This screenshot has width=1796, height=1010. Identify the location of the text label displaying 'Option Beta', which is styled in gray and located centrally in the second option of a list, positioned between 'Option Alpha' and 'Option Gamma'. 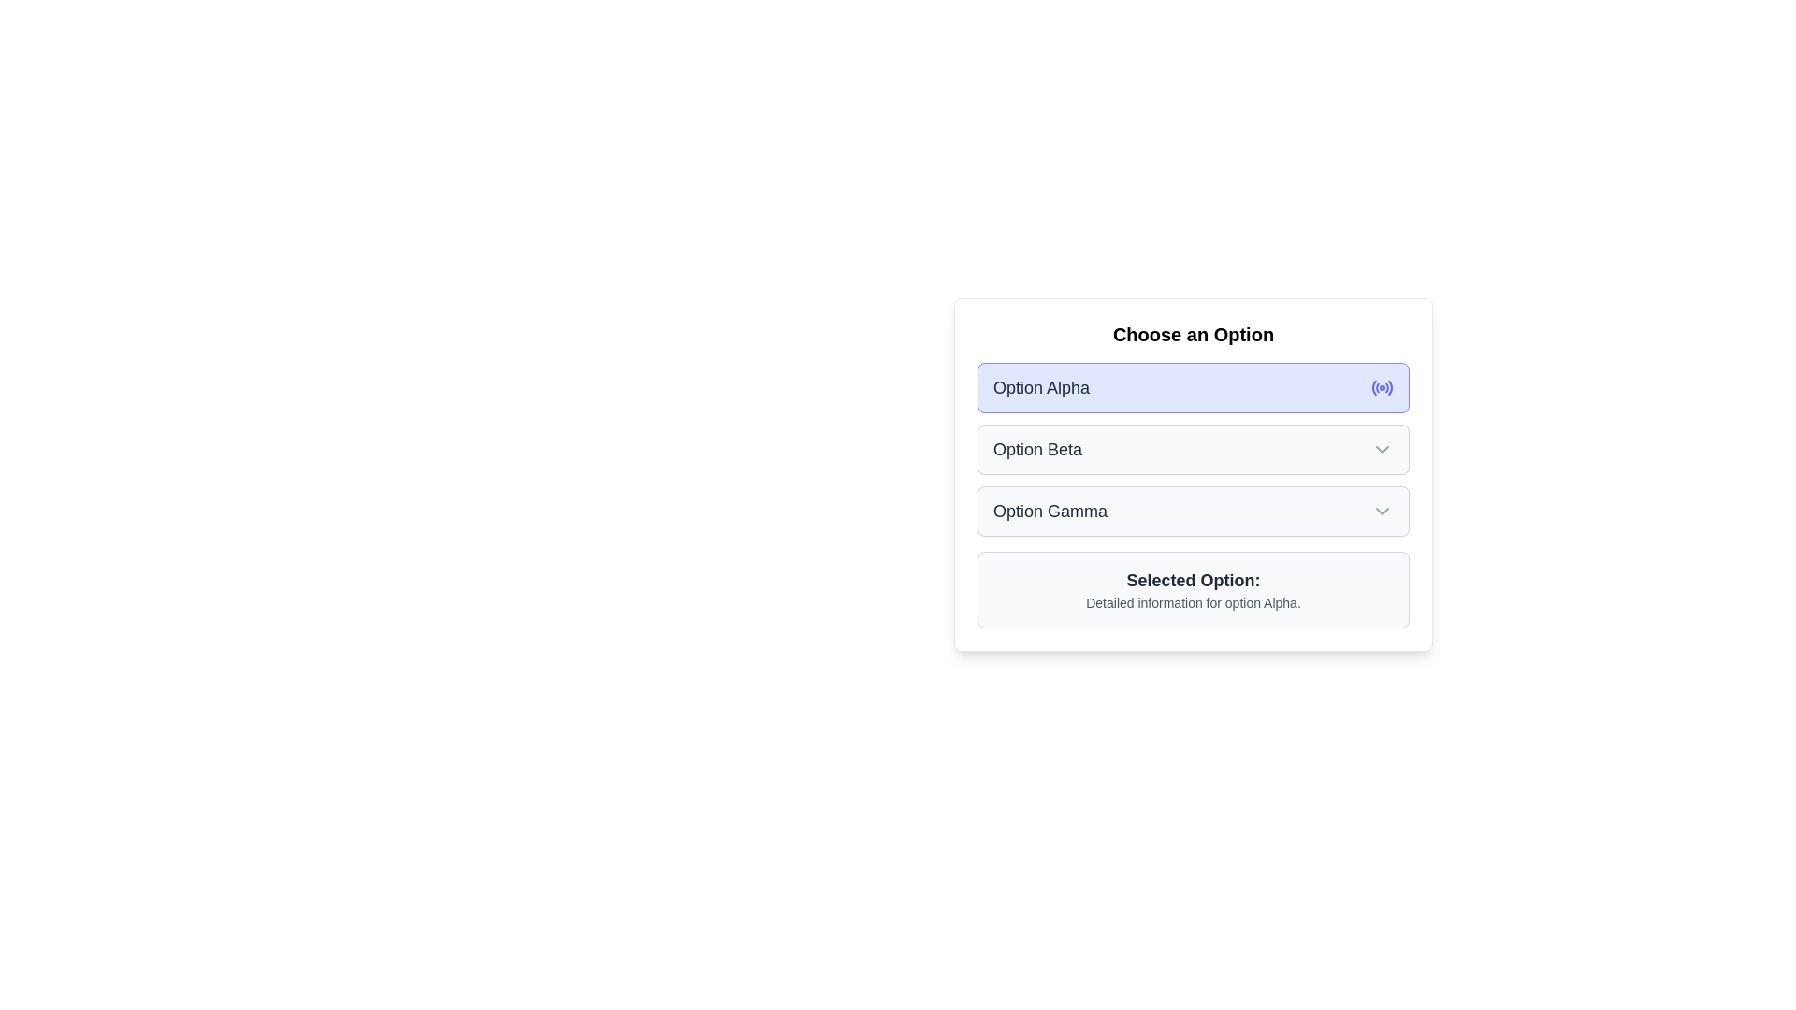
(1036, 450).